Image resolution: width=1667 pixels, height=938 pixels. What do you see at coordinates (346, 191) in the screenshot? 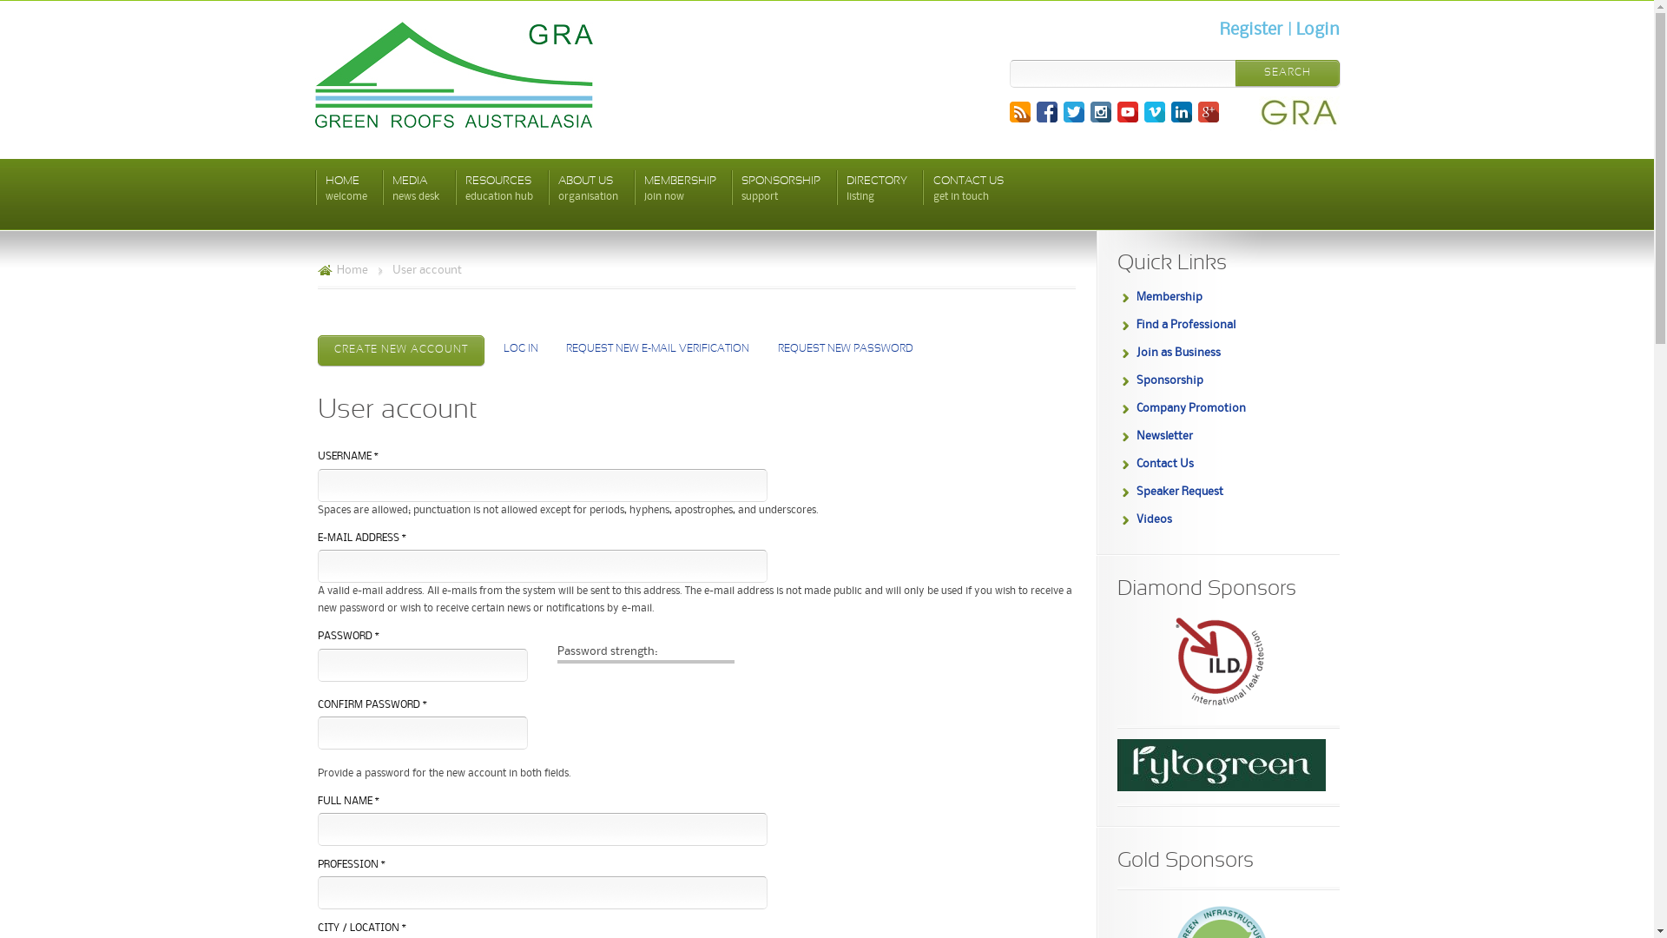
I see `'HOME` at bounding box center [346, 191].